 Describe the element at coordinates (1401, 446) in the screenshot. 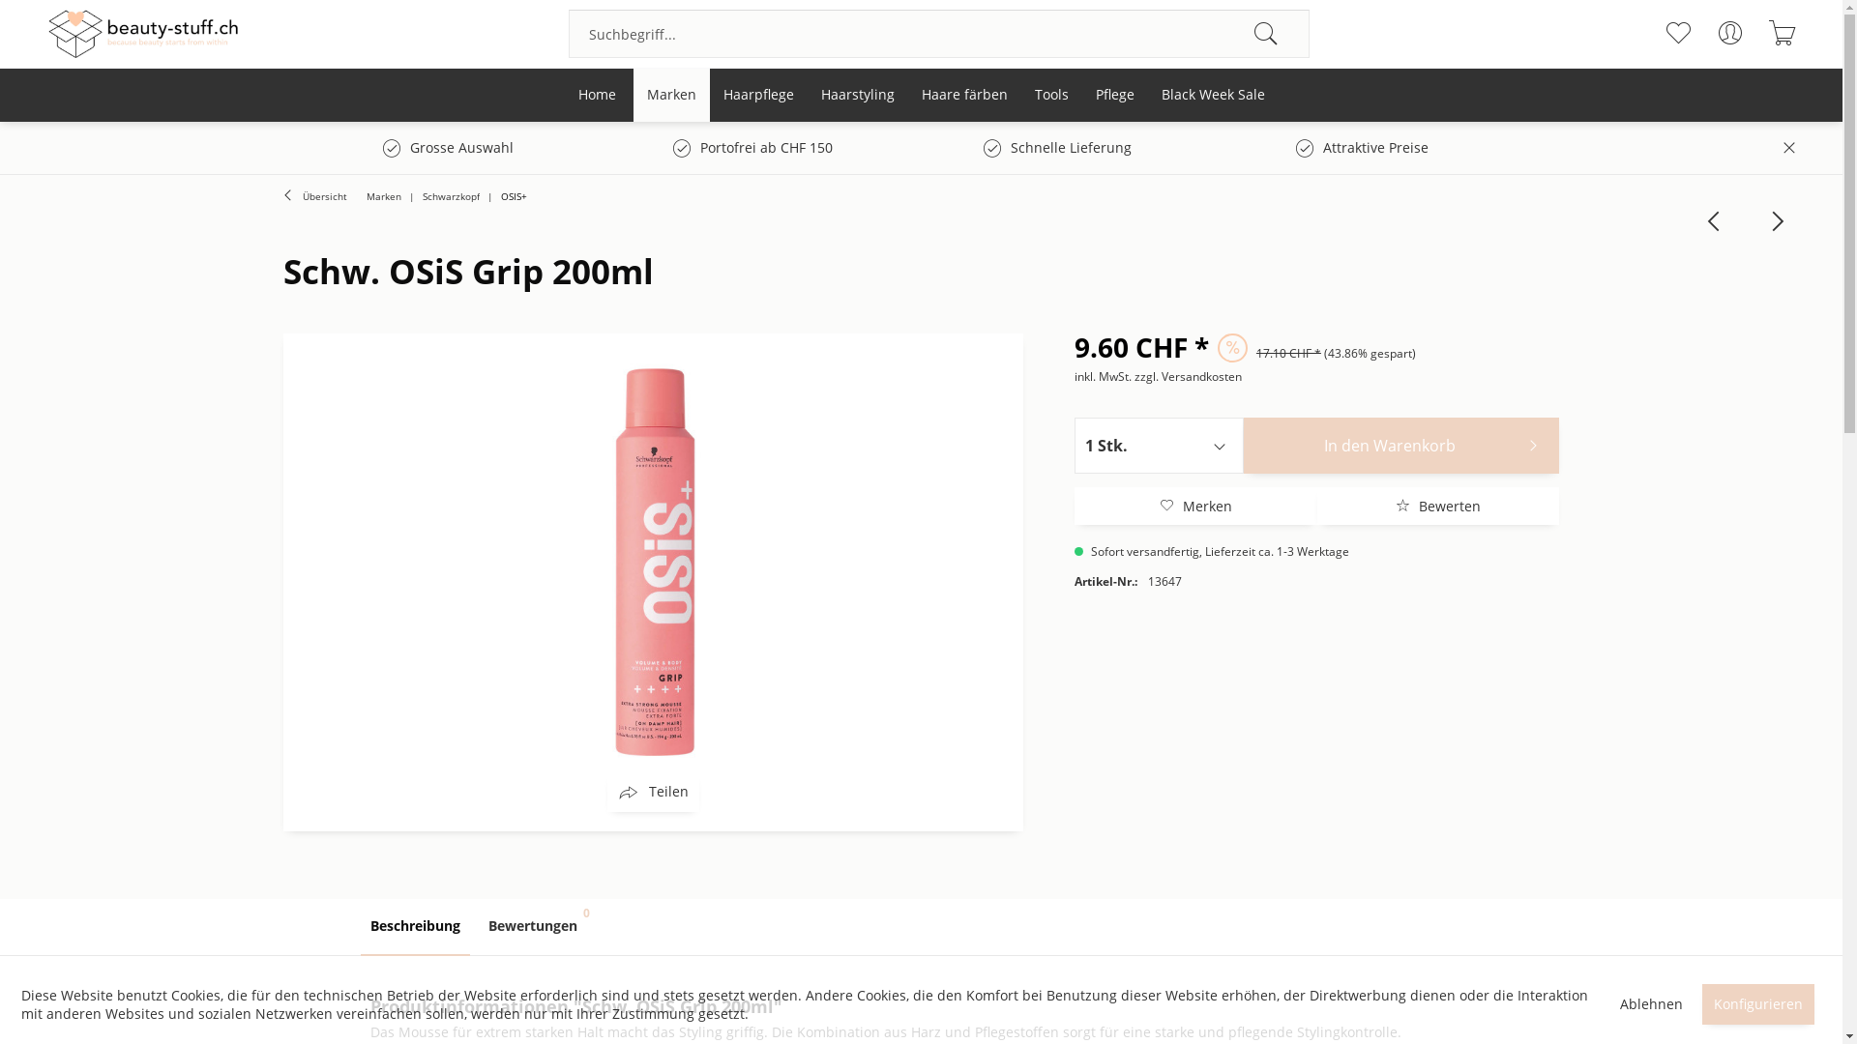

I see `'In den Warenkorb'` at that location.